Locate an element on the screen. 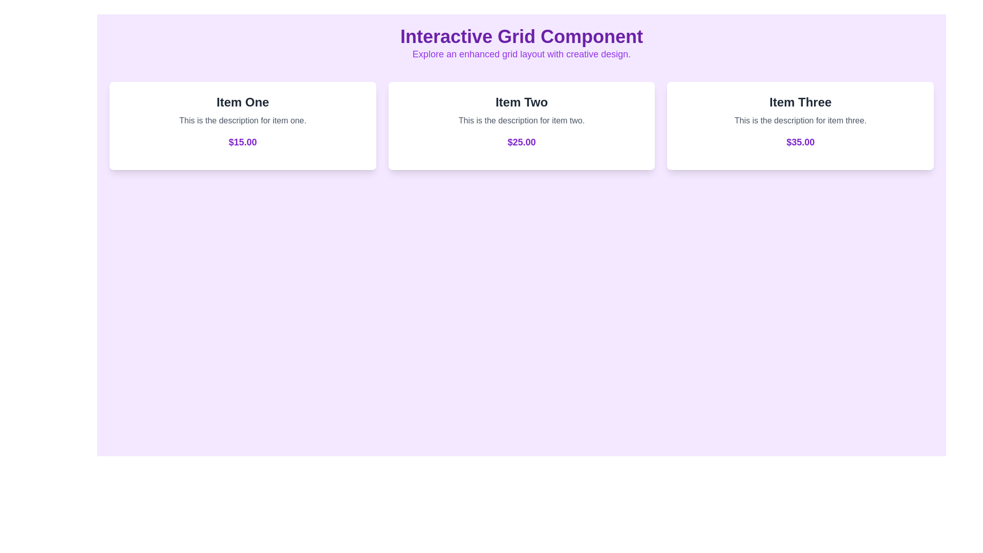  text label providing additional details about 'Item Three', which is positioned under the title and above the price in the rightmost card of a three-card layout is located at coordinates (800, 120).